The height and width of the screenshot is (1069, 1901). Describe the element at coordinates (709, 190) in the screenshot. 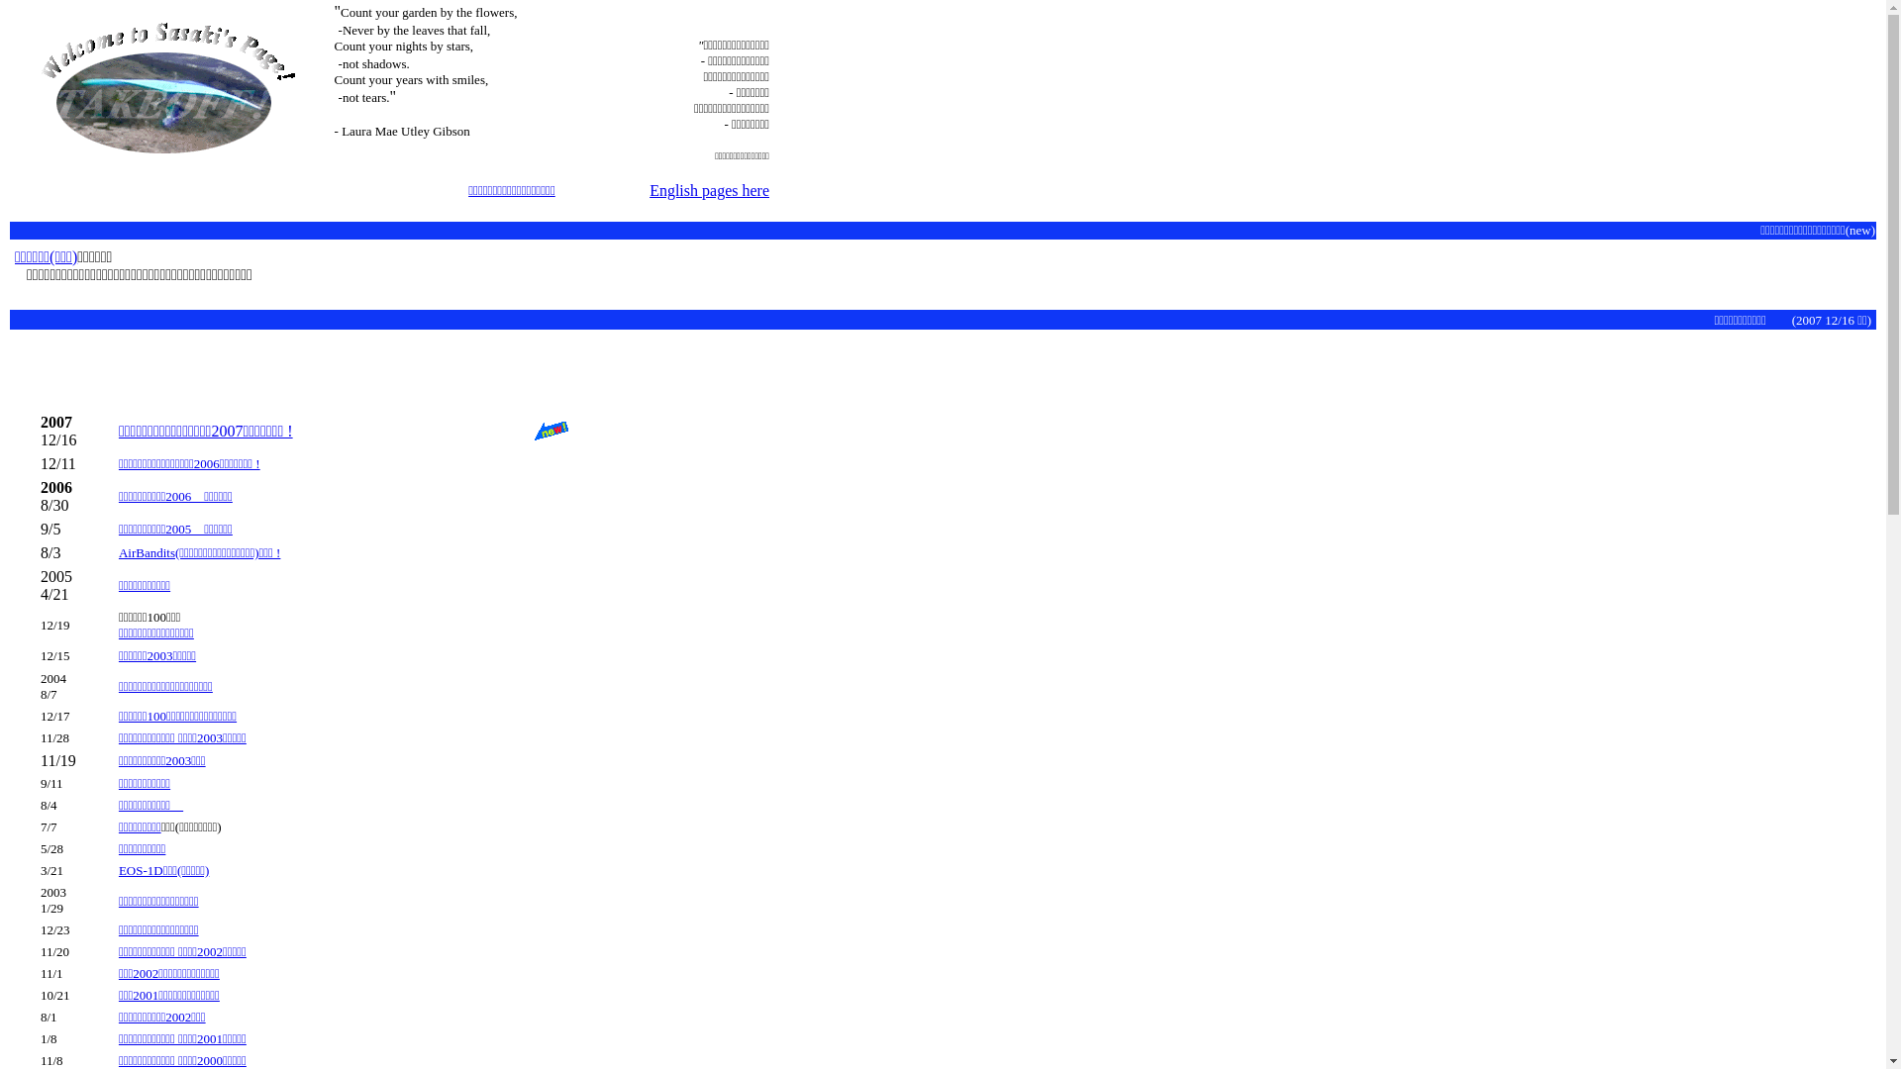

I see `'English pages here'` at that location.